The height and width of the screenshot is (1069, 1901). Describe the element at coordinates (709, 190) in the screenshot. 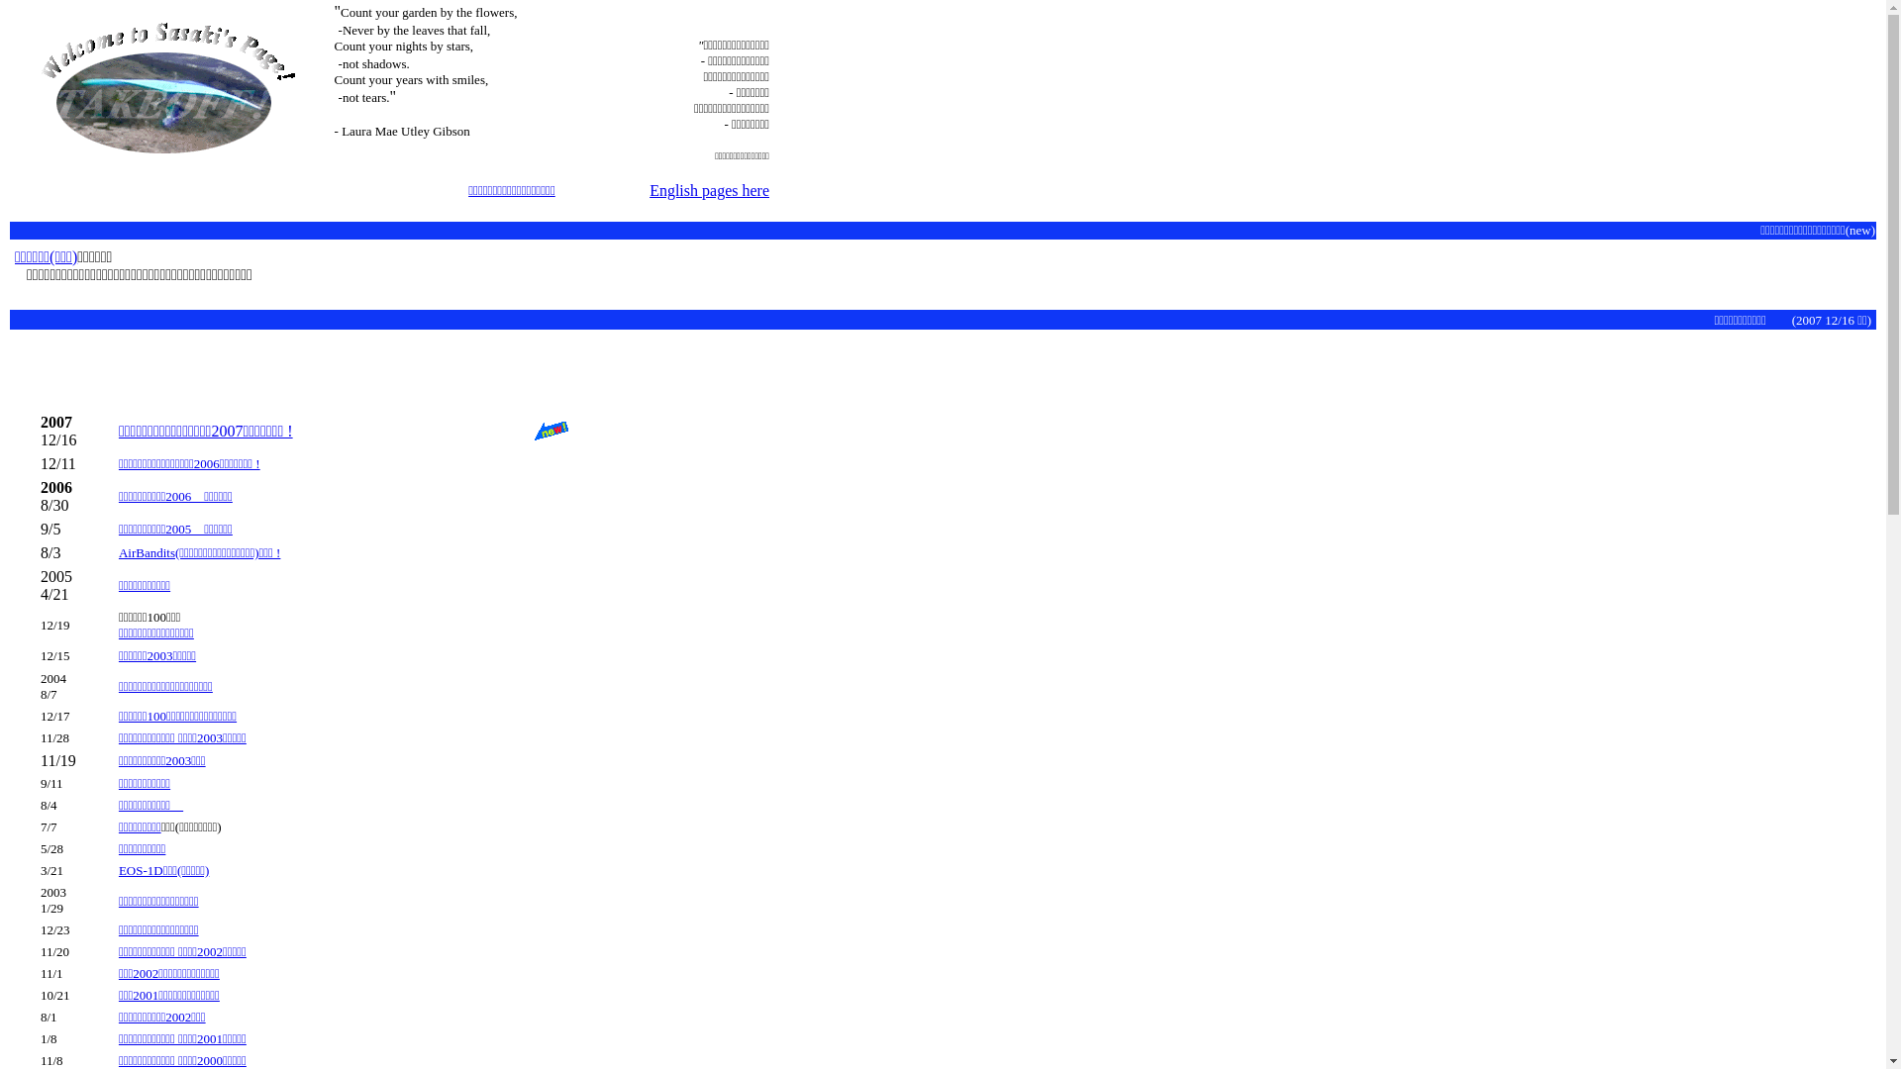

I see `'English pages here'` at that location.